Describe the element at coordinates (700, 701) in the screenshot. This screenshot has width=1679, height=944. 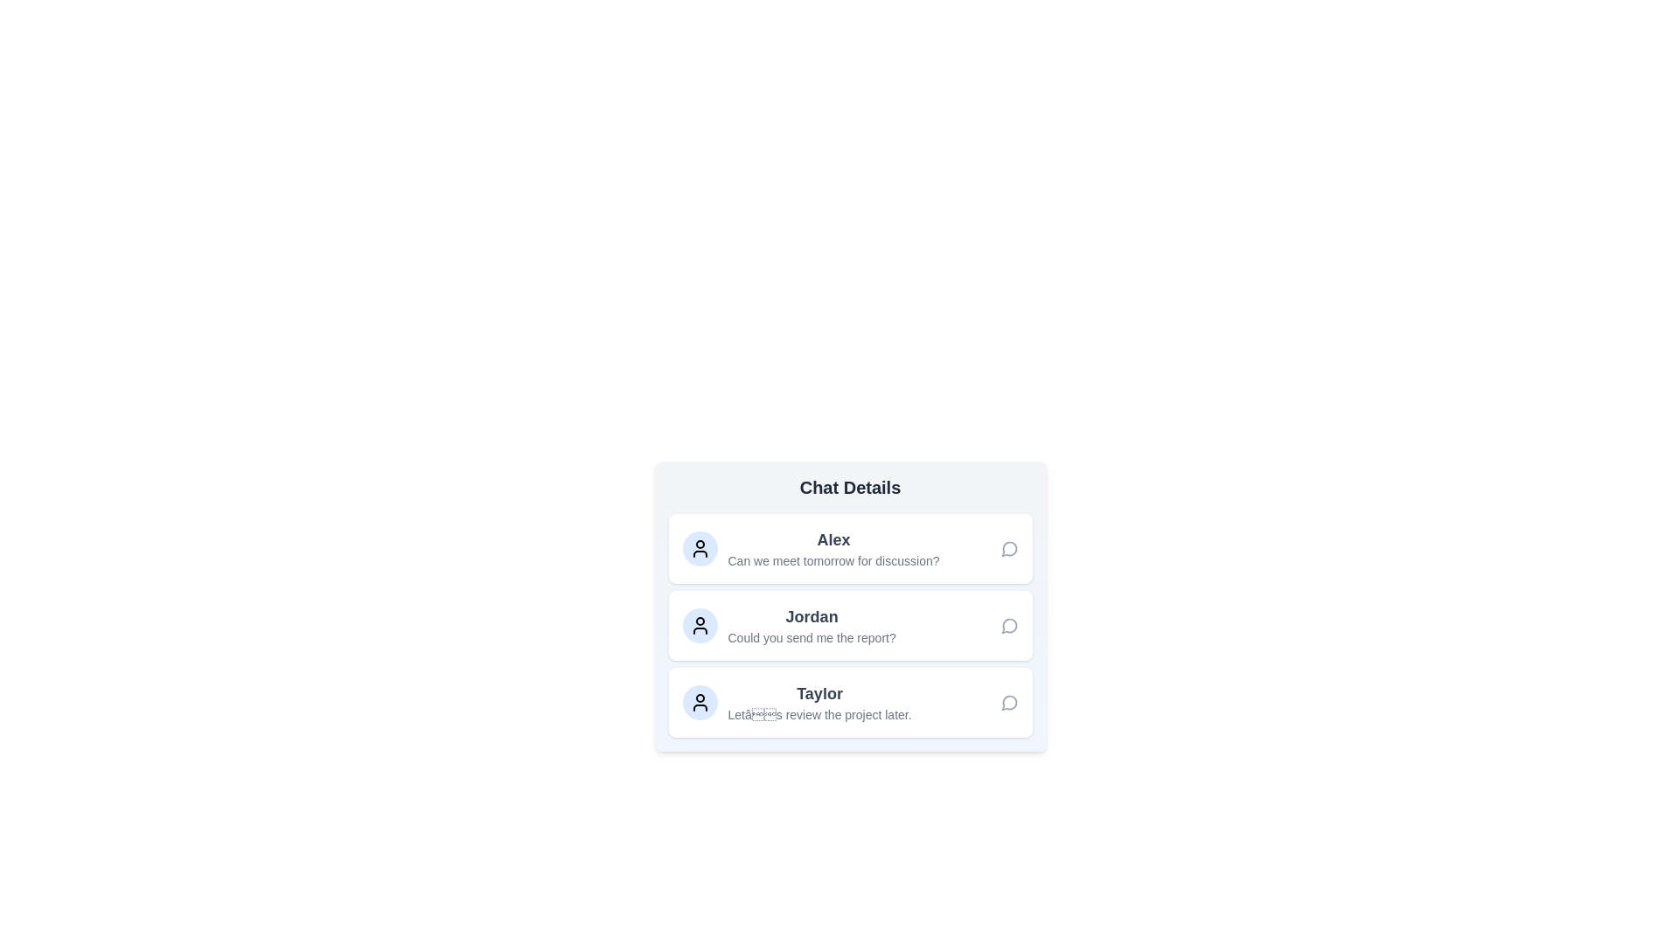
I see `the avatar representation of Taylor` at that location.